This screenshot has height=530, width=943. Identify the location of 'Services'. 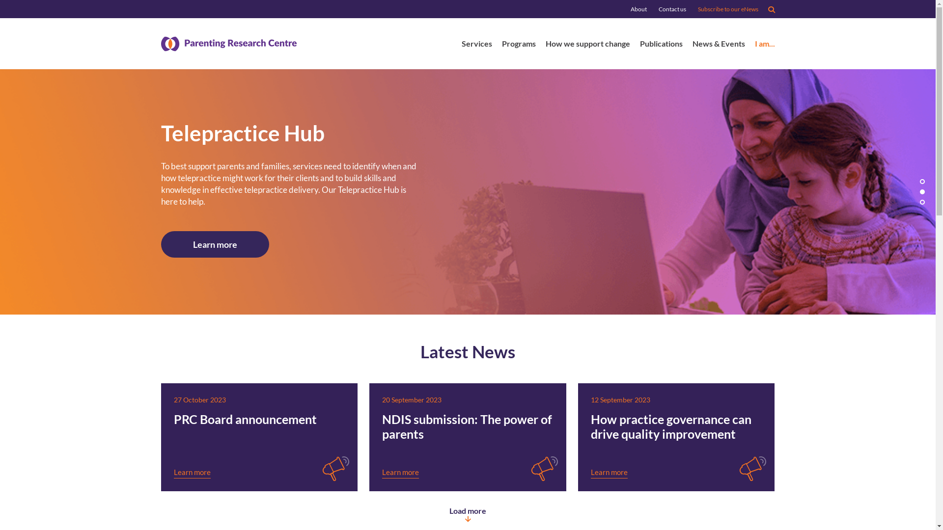
(476, 45).